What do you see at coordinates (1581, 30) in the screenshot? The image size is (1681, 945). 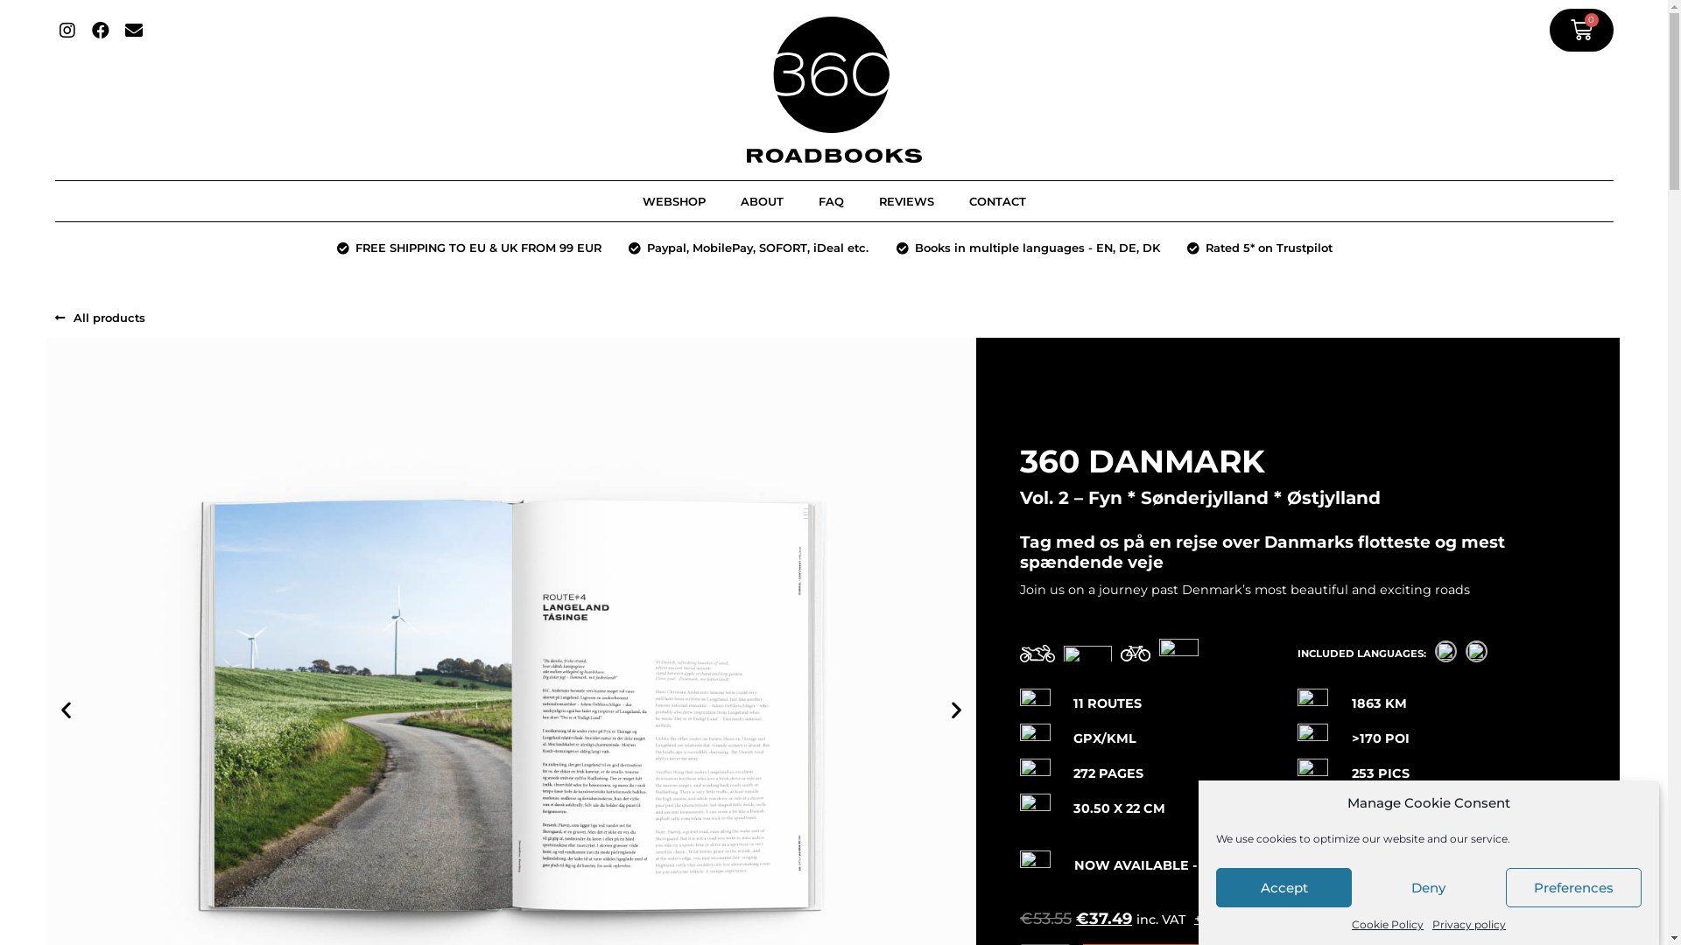 I see `'0'` at bounding box center [1581, 30].